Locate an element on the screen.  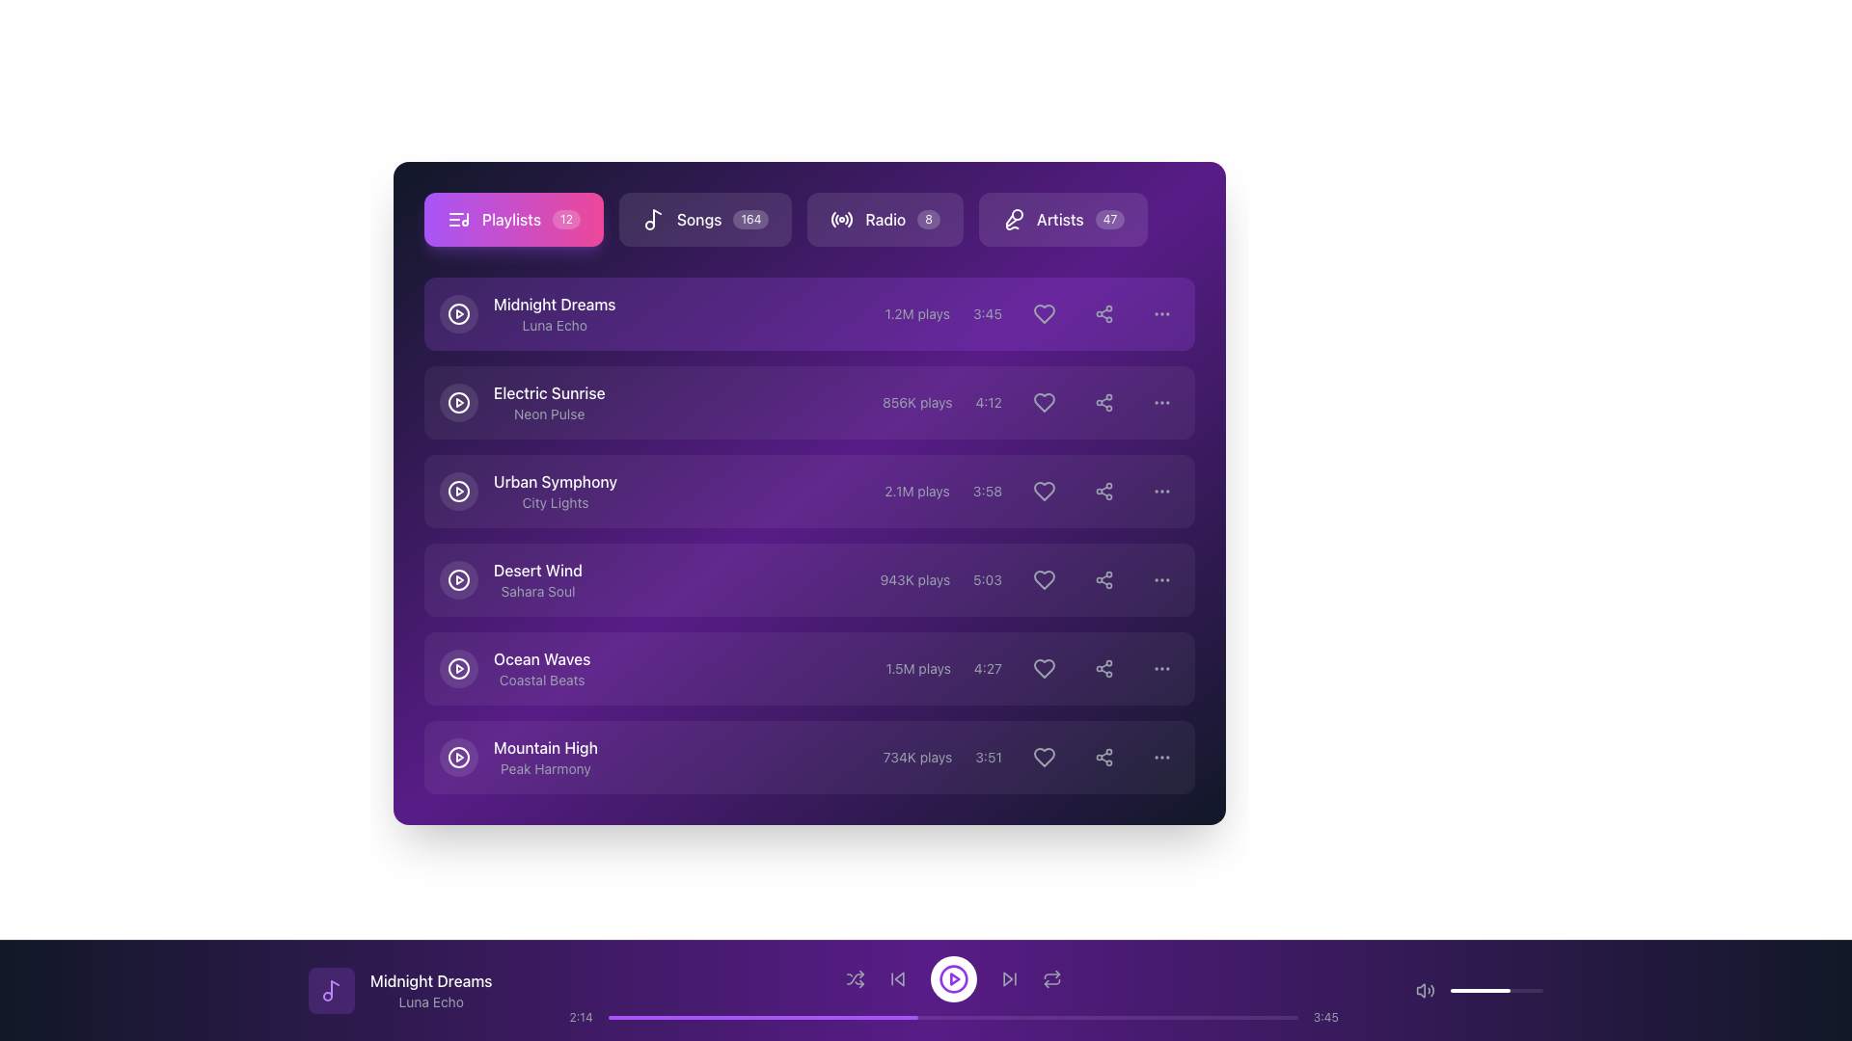
the fifth list item representing a music track, located between 'Desert Wind' and 'Mountain High' is located at coordinates (809, 668).